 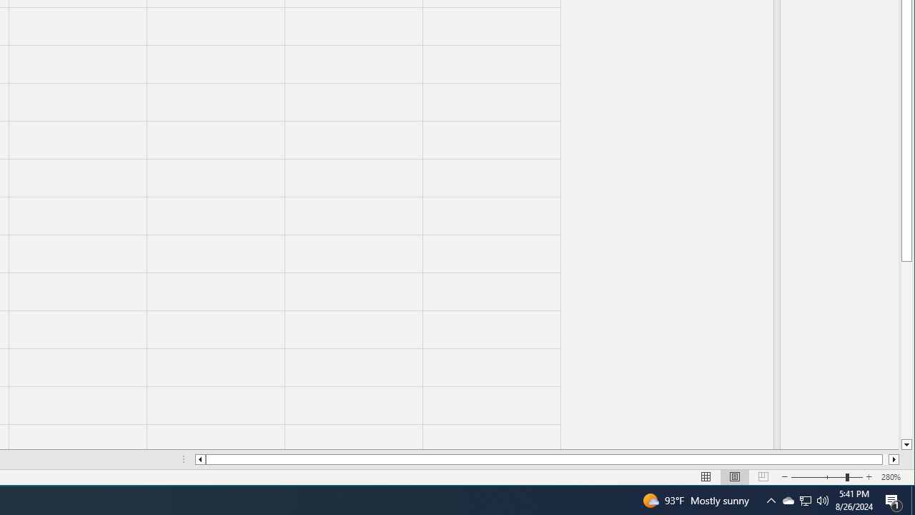 I want to click on 'Q2790: 100%', so click(x=806, y=499).